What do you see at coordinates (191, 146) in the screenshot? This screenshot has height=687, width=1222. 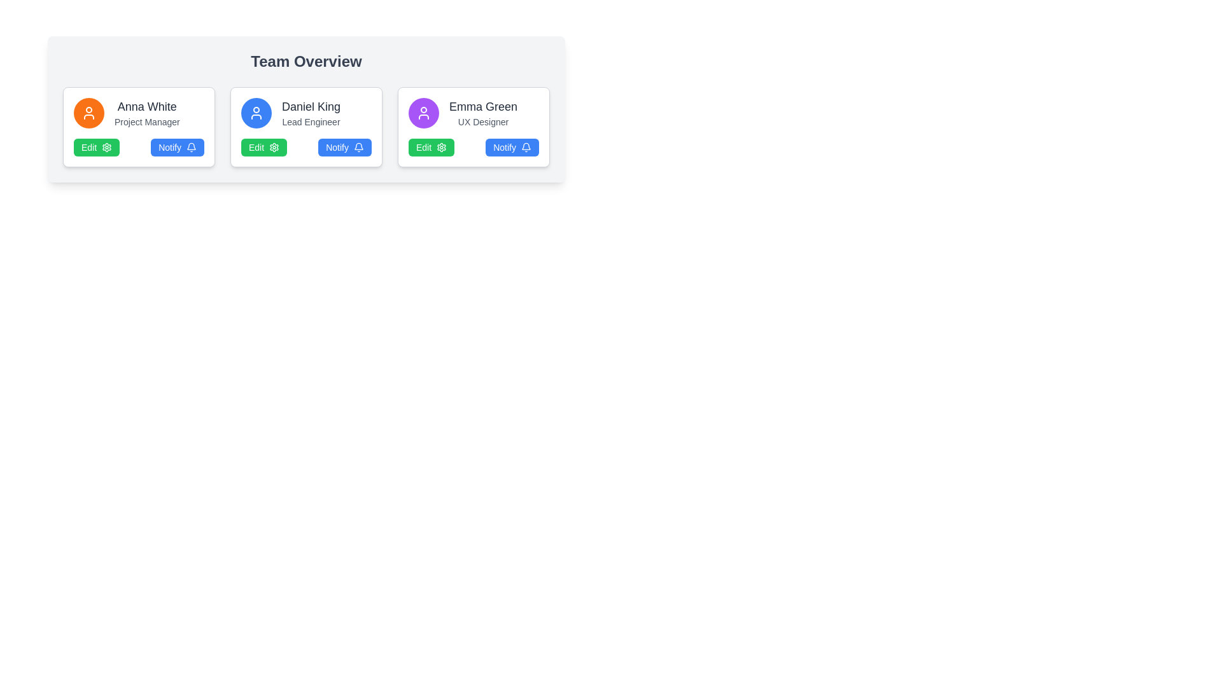 I see `the bell icon embedded within the 'Notify' button located at the bottom-right of Anna White's card` at bounding box center [191, 146].